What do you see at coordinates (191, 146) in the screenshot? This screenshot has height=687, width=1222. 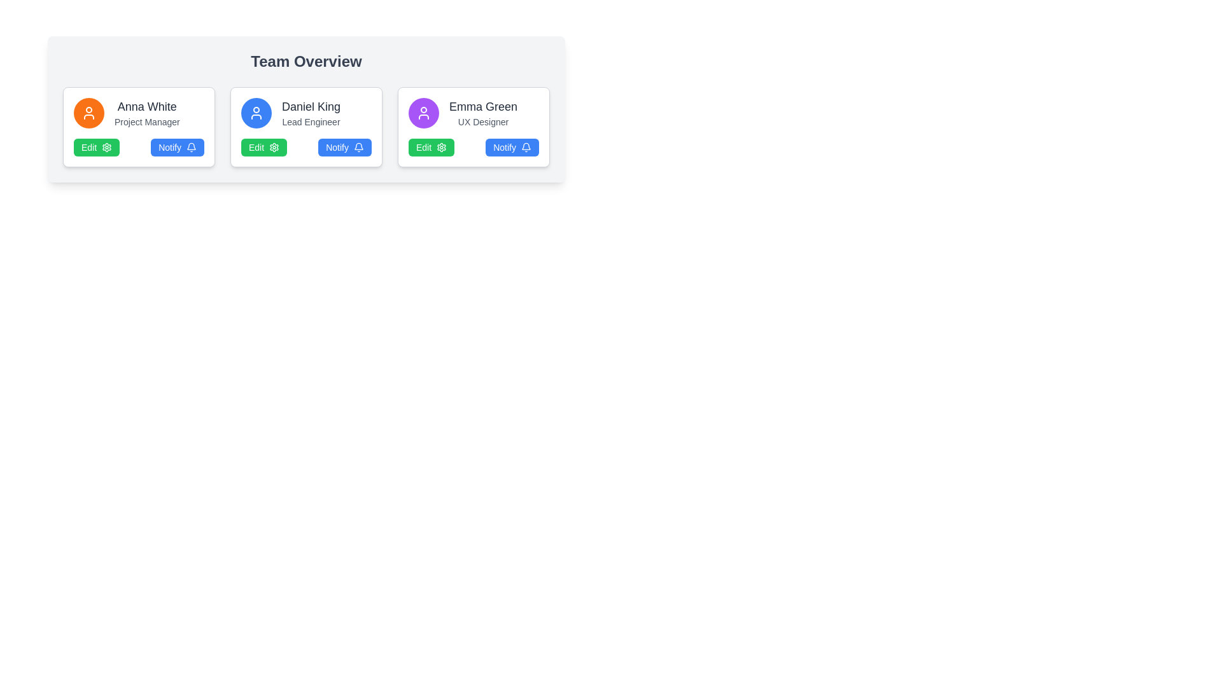 I see `the bell icon embedded within the 'Notify' button located at the bottom-right of Anna White's card` at bounding box center [191, 146].